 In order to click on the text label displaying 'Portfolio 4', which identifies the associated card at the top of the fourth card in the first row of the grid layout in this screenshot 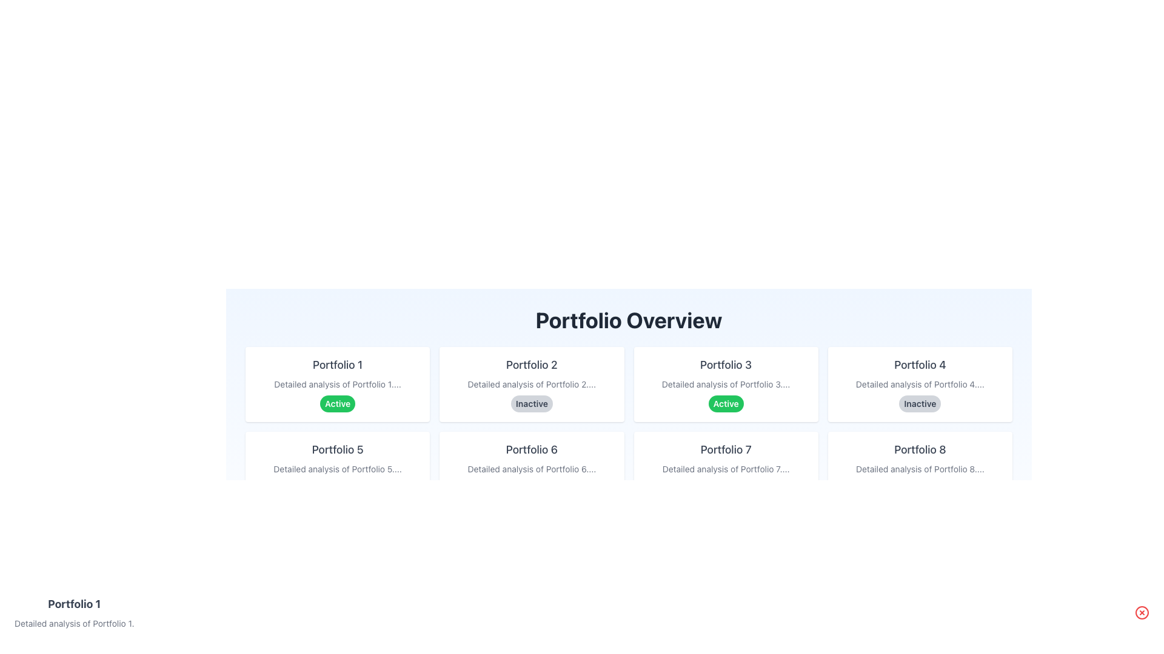, I will do `click(920, 364)`.